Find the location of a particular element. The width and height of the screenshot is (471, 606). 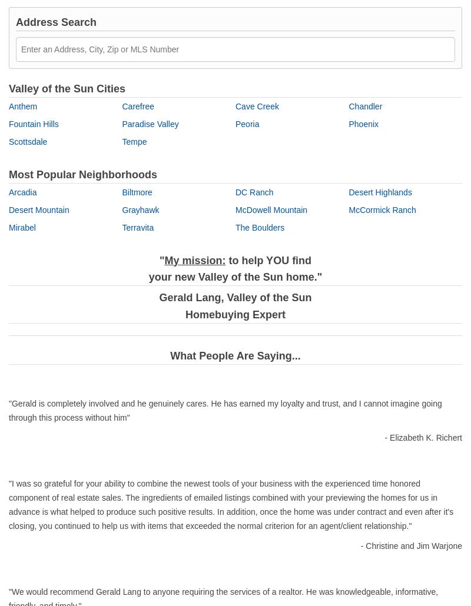

'Scottsdale' is located at coordinates (27, 141).